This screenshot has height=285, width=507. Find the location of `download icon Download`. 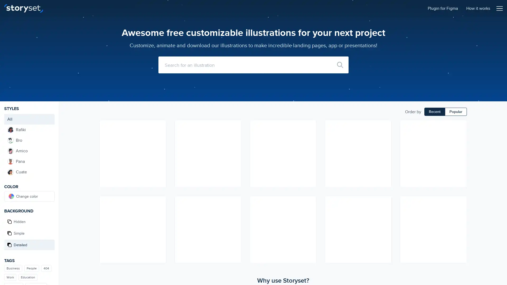

download icon Download is located at coordinates (234, 211).